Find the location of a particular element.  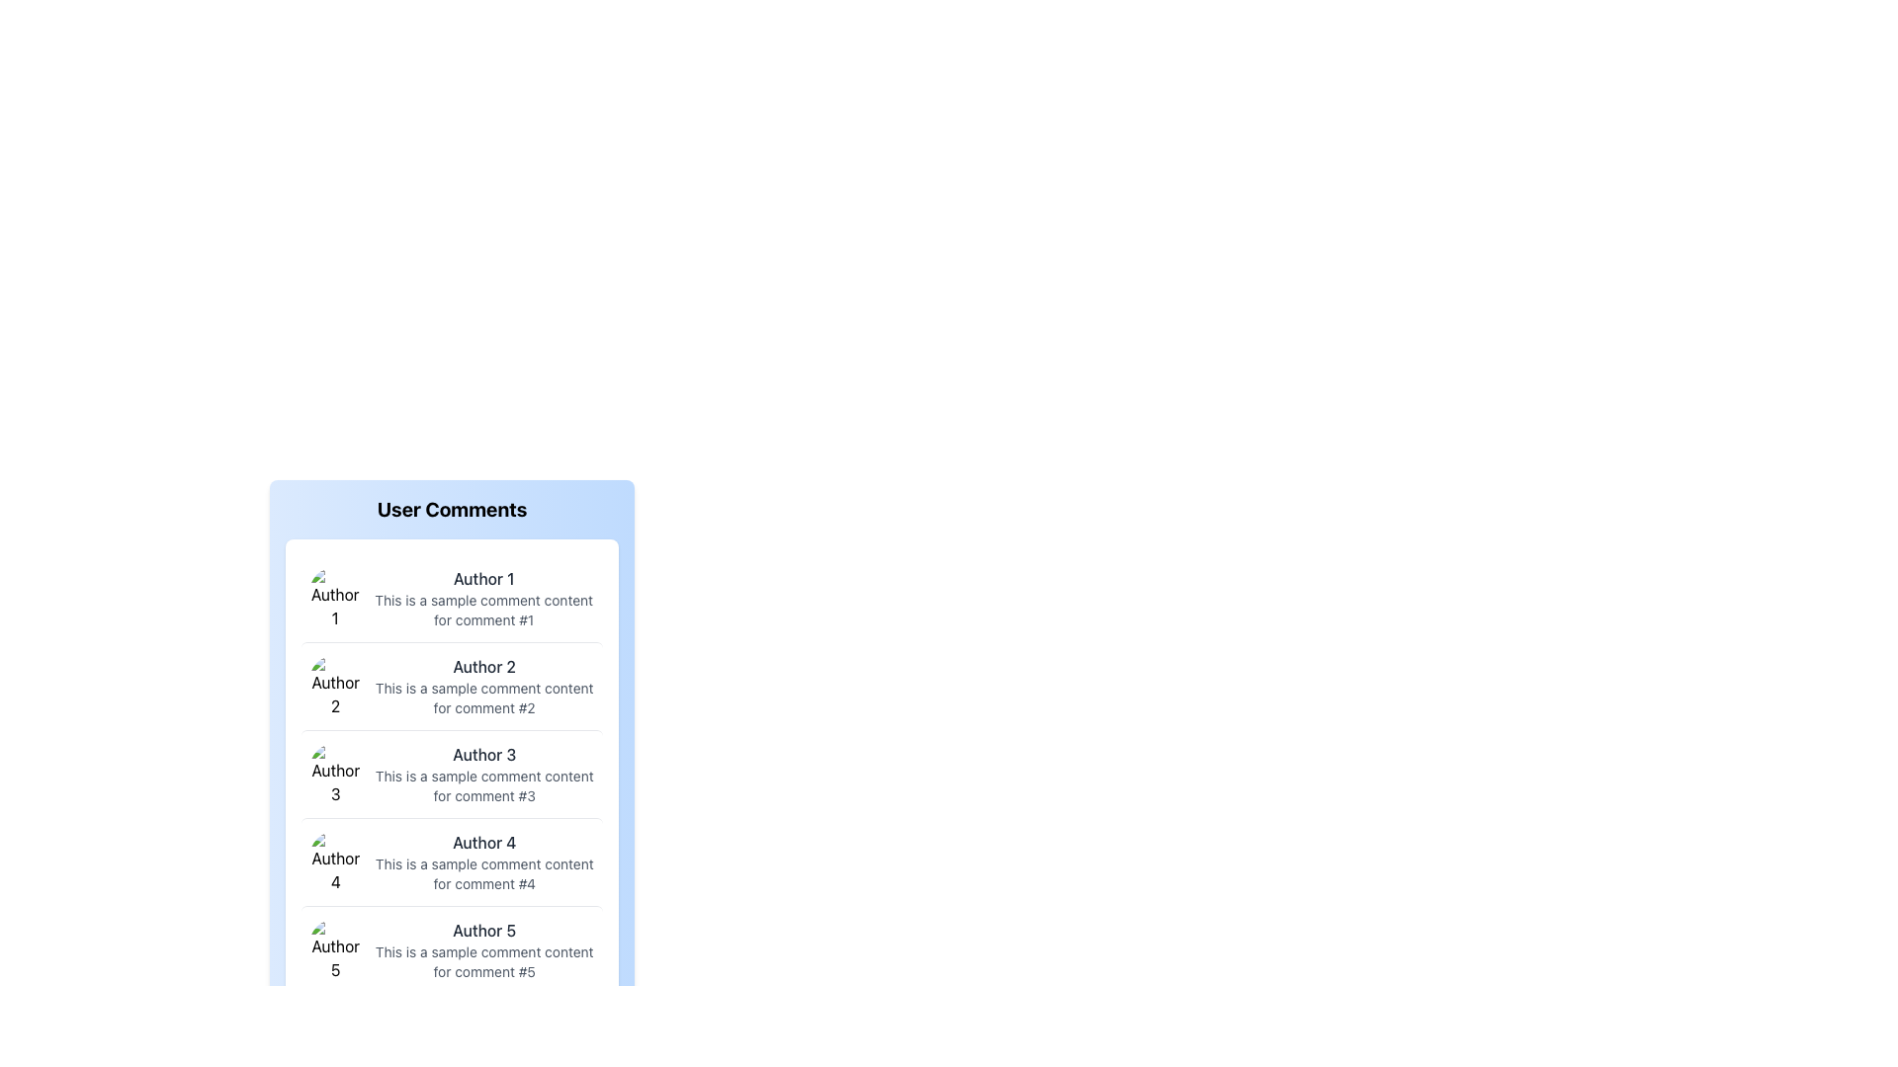

text displayed in the comment section associated with 'Author 2', located directly beneath the author's name in the User Comments area is located at coordinates (484, 697).